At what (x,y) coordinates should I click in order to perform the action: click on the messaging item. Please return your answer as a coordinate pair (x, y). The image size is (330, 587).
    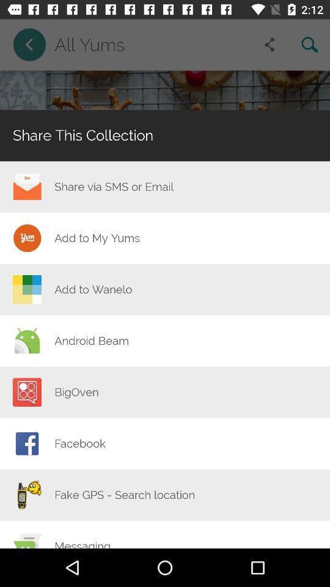
    Looking at the image, I should click on (82, 543).